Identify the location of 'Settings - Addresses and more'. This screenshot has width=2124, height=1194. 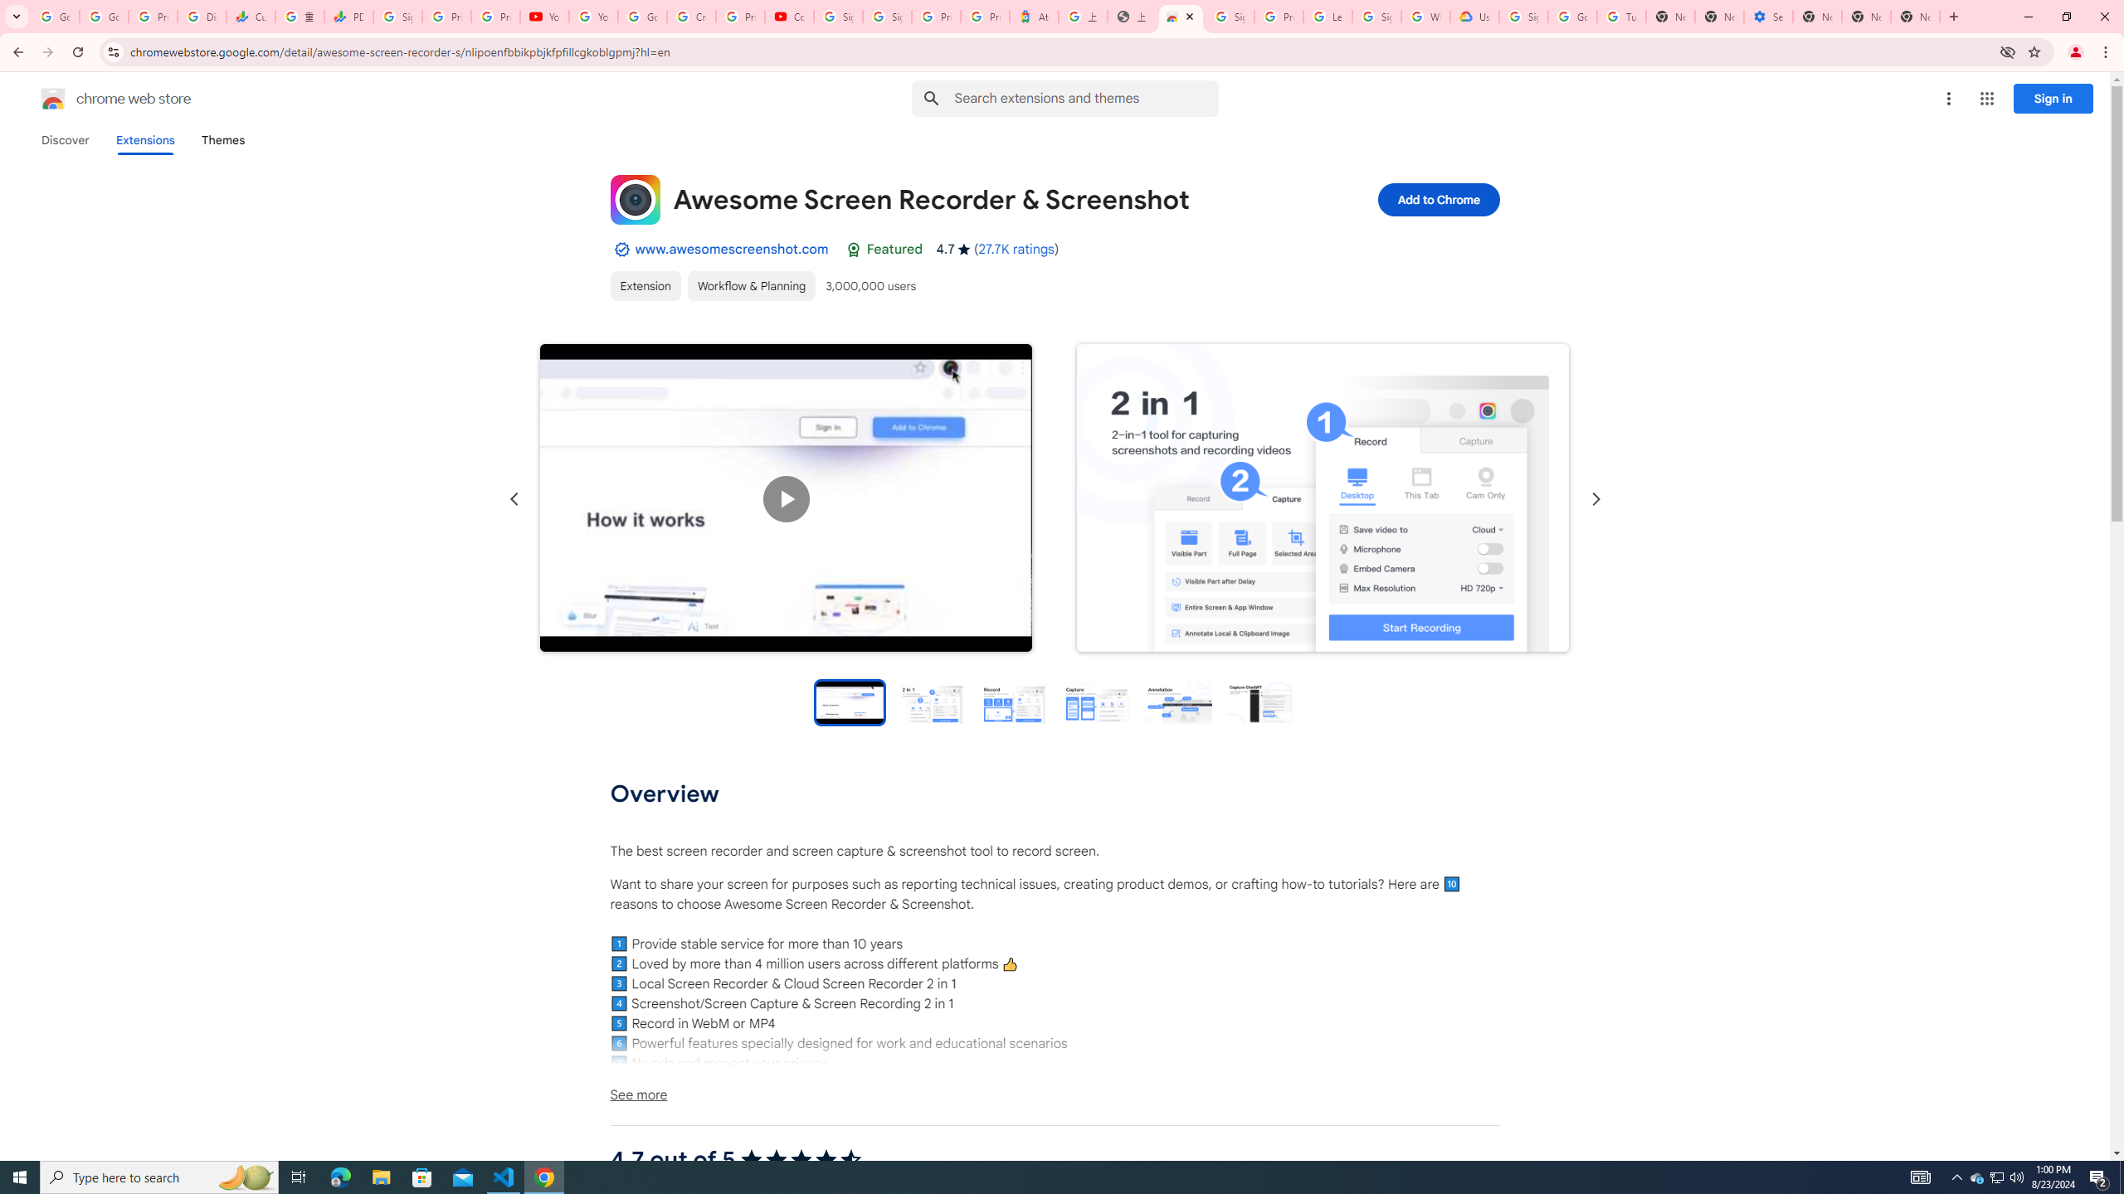
(1768, 16).